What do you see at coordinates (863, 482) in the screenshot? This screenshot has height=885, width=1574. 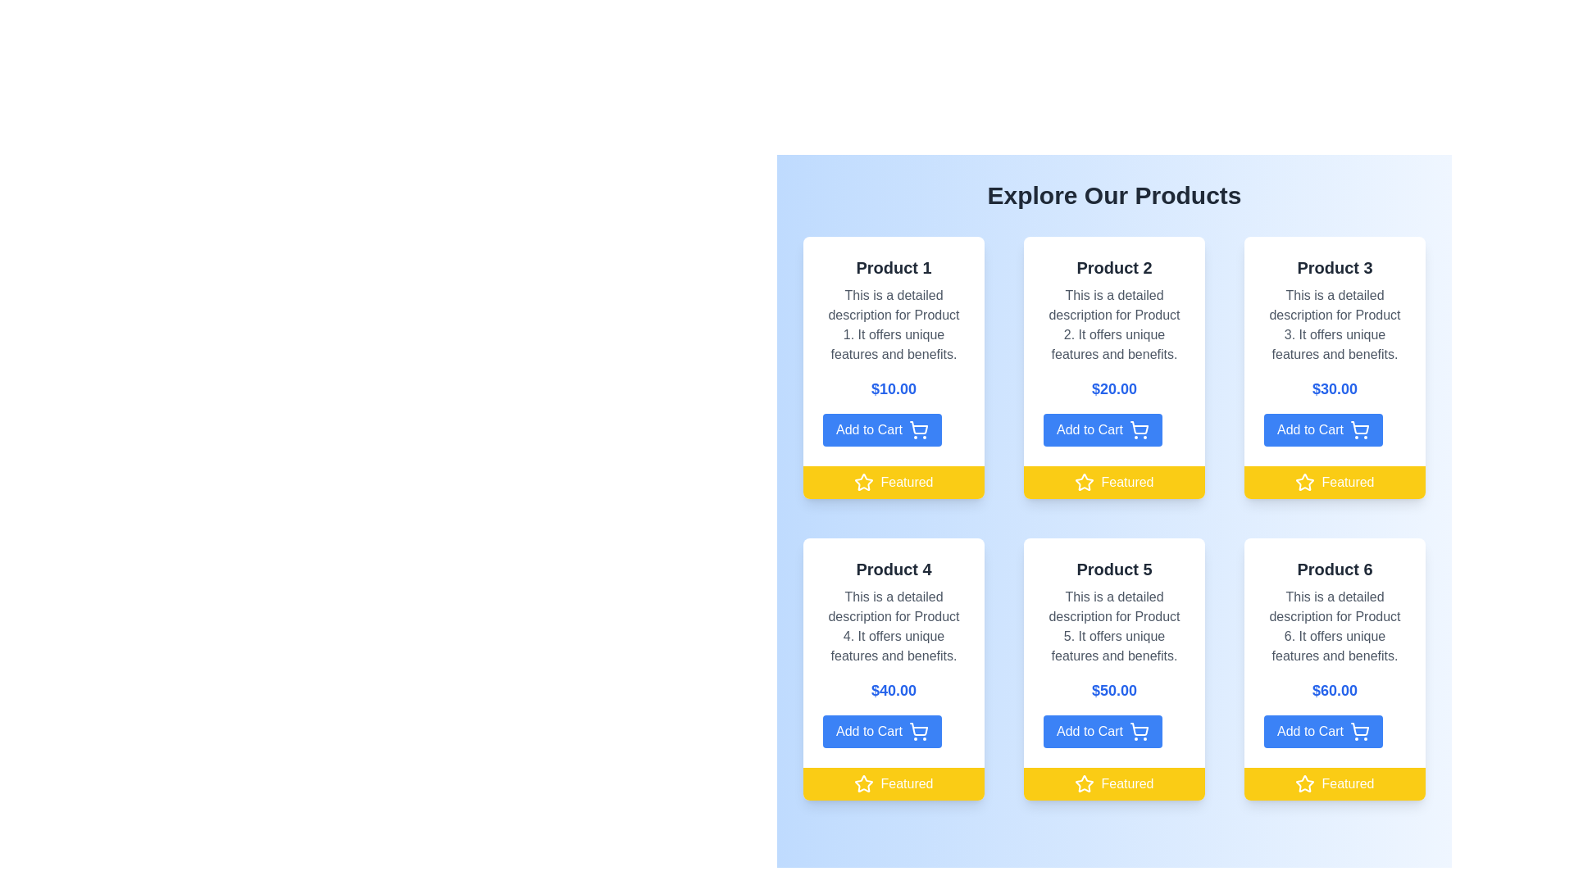 I see `the 'Featured' star icon located at the bottom-left corner of the 'Product 1' card as a visual cue` at bounding box center [863, 482].